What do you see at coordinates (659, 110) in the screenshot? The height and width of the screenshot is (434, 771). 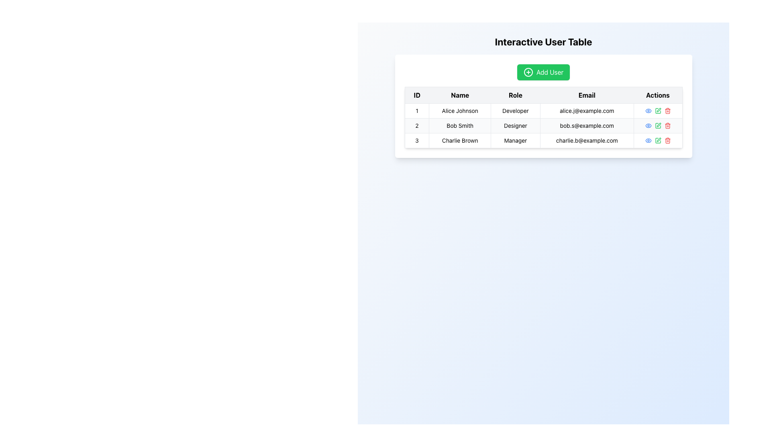 I see `the small pen icon located in the 'Actions' column of the data table for Bob Smith` at bounding box center [659, 110].